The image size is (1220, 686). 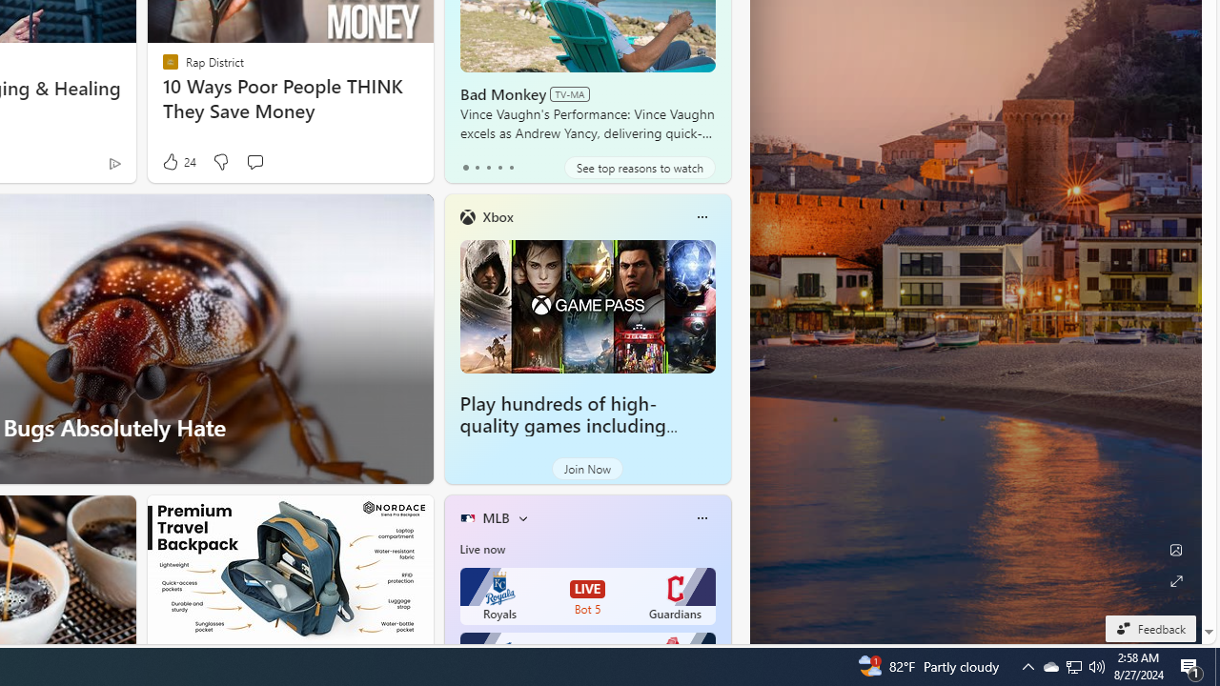 I want to click on 'tab-2', so click(x=488, y=167).